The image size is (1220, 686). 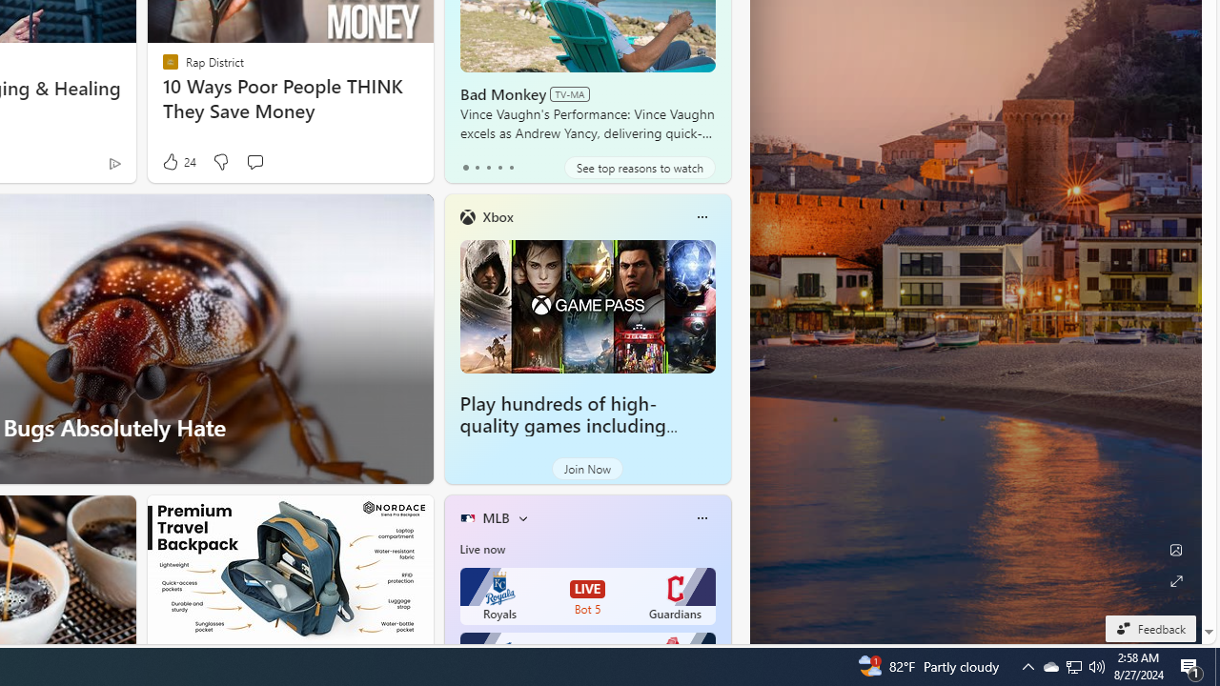 I want to click on 'tab-2', so click(x=488, y=167).